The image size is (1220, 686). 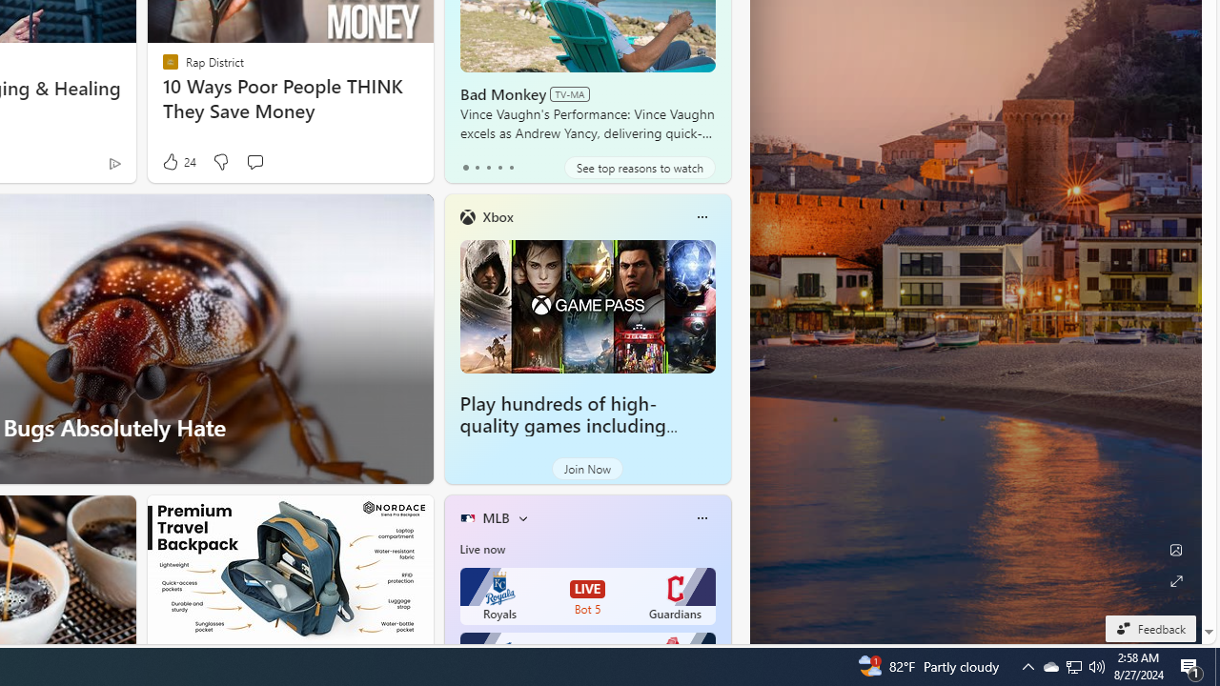 I want to click on 'tab-2', so click(x=488, y=167).